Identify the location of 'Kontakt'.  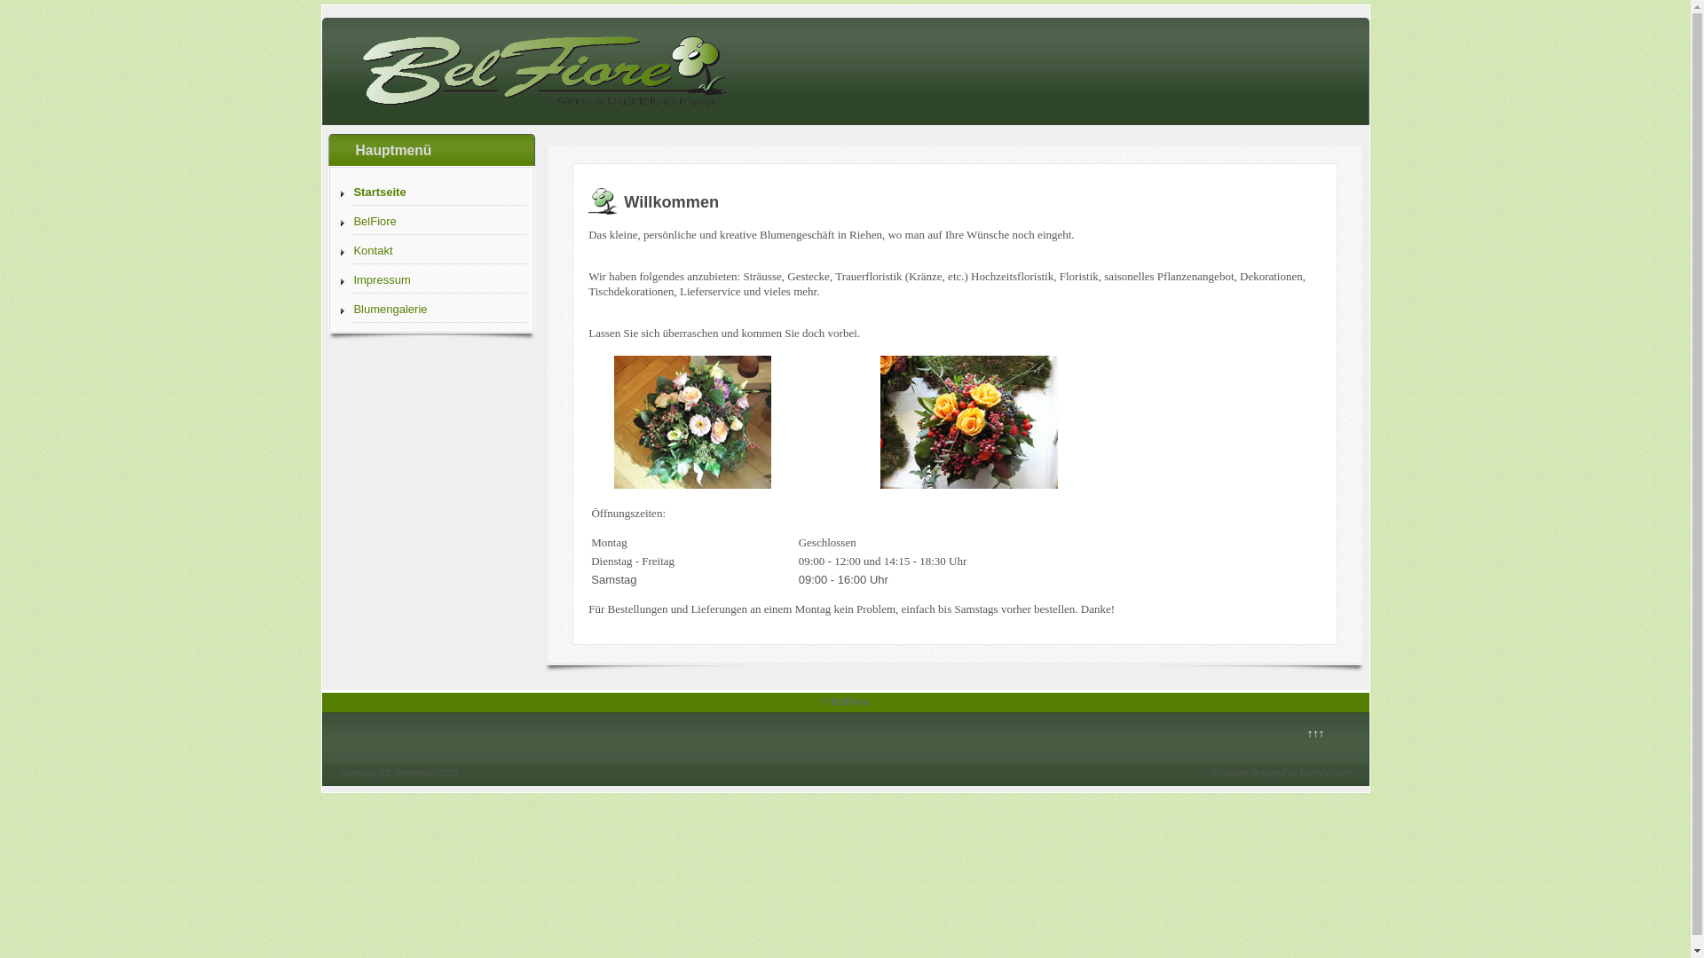
(439, 251).